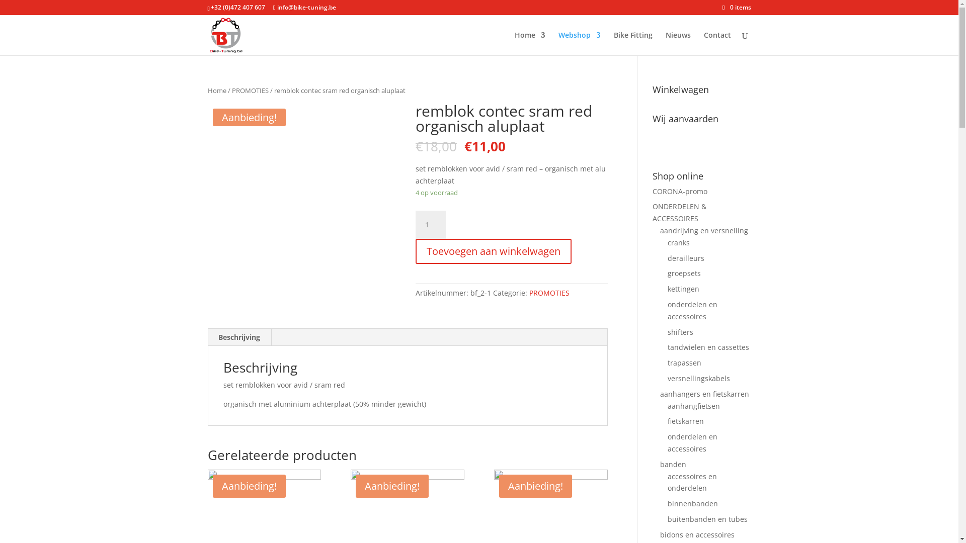 Image resolution: width=966 pixels, height=543 pixels. Describe the element at coordinates (304, 7) in the screenshot. I see `'info@bike-tuning.be'` at that location.